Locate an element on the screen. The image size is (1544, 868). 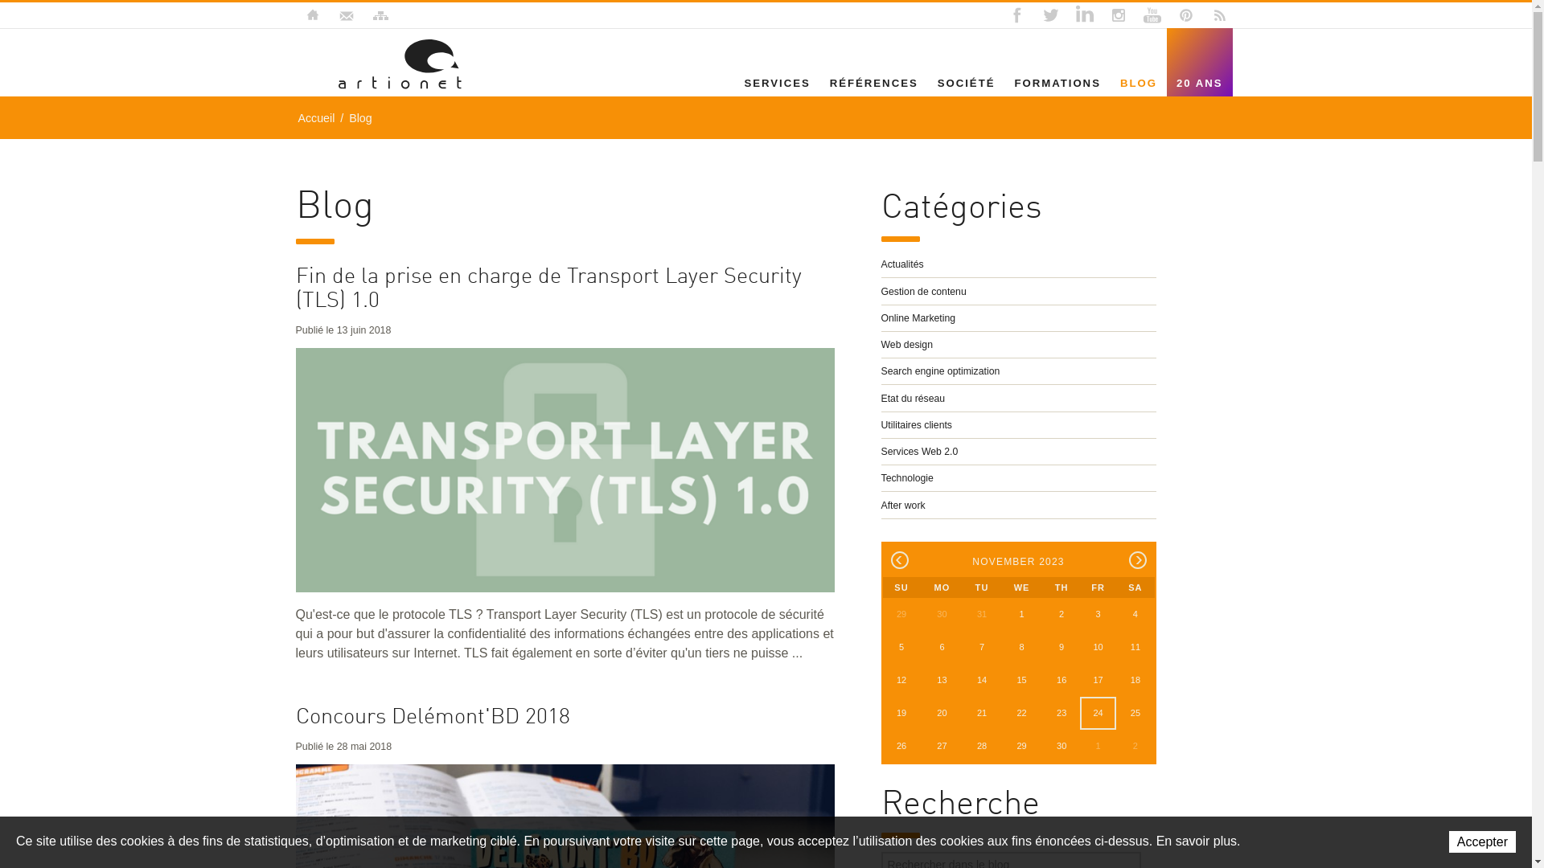
'NEXT' is located at coordinates (1137, 559).